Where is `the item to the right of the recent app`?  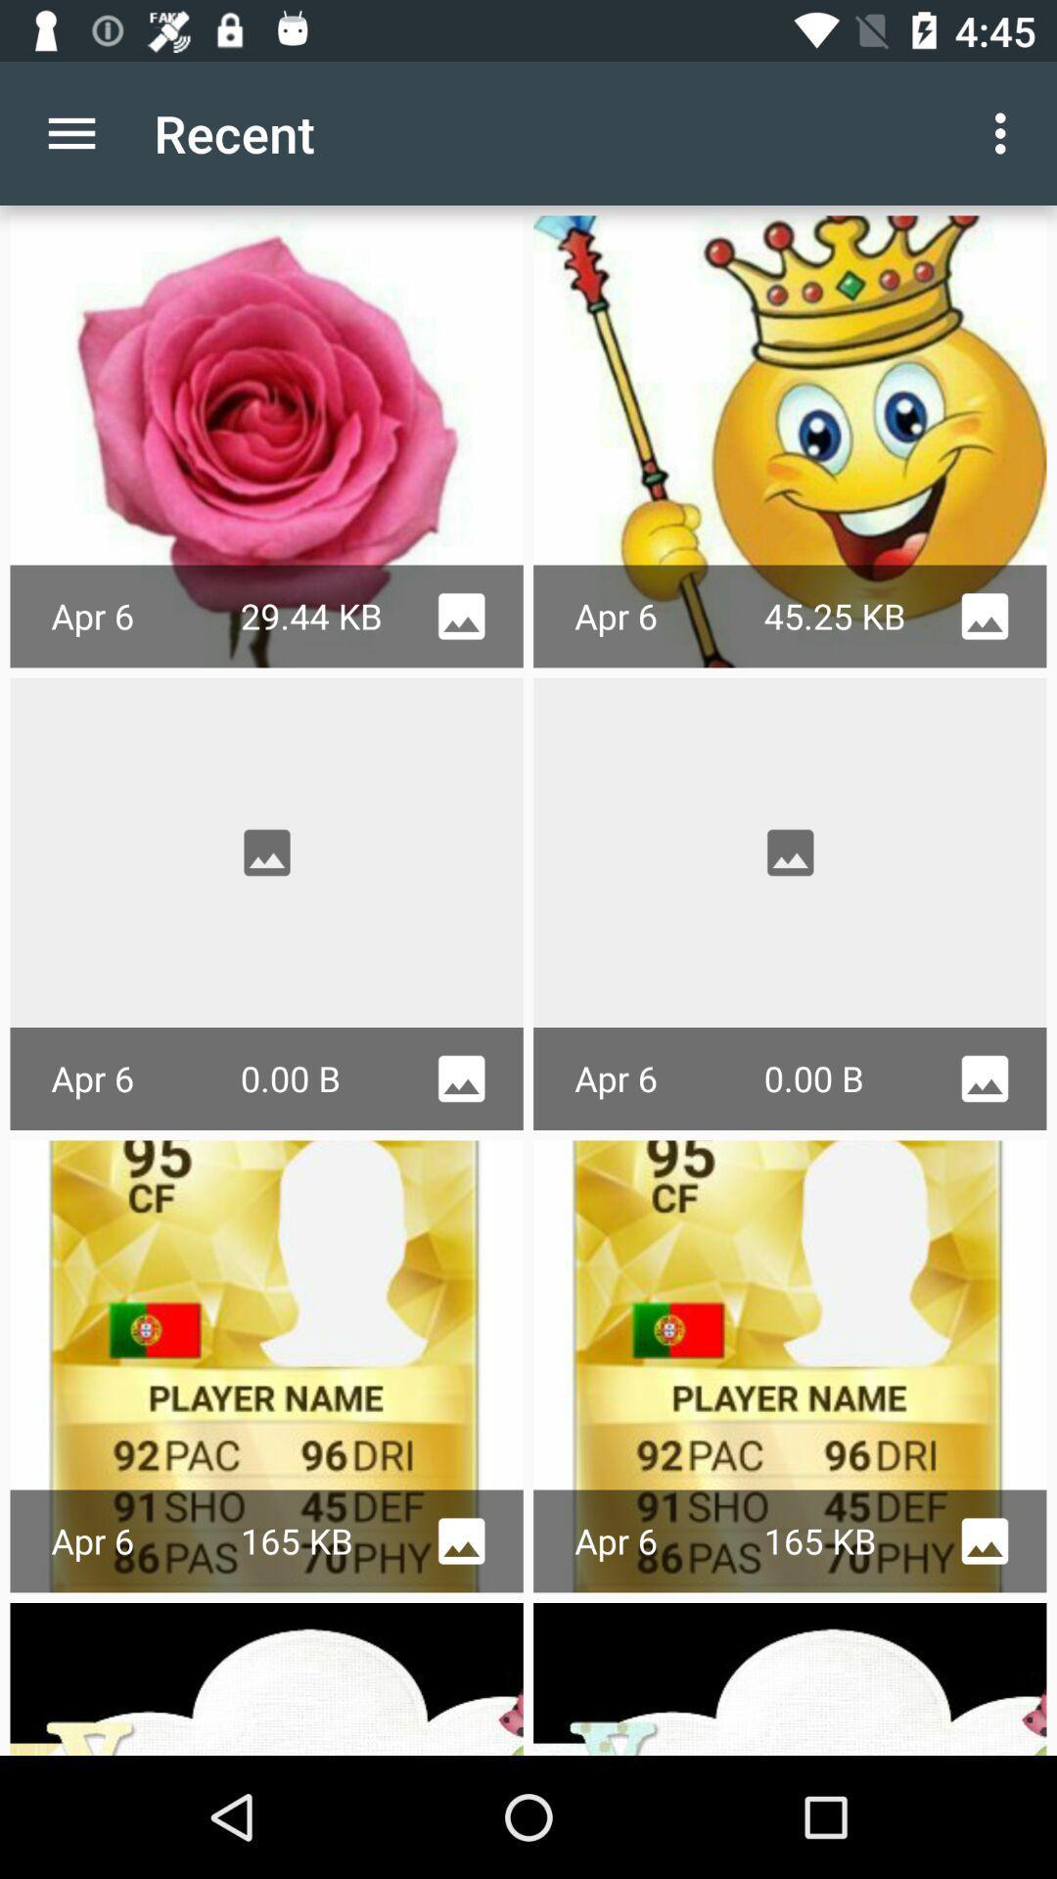 the item to the right of the recent app is located at coordinates (1005, 132).